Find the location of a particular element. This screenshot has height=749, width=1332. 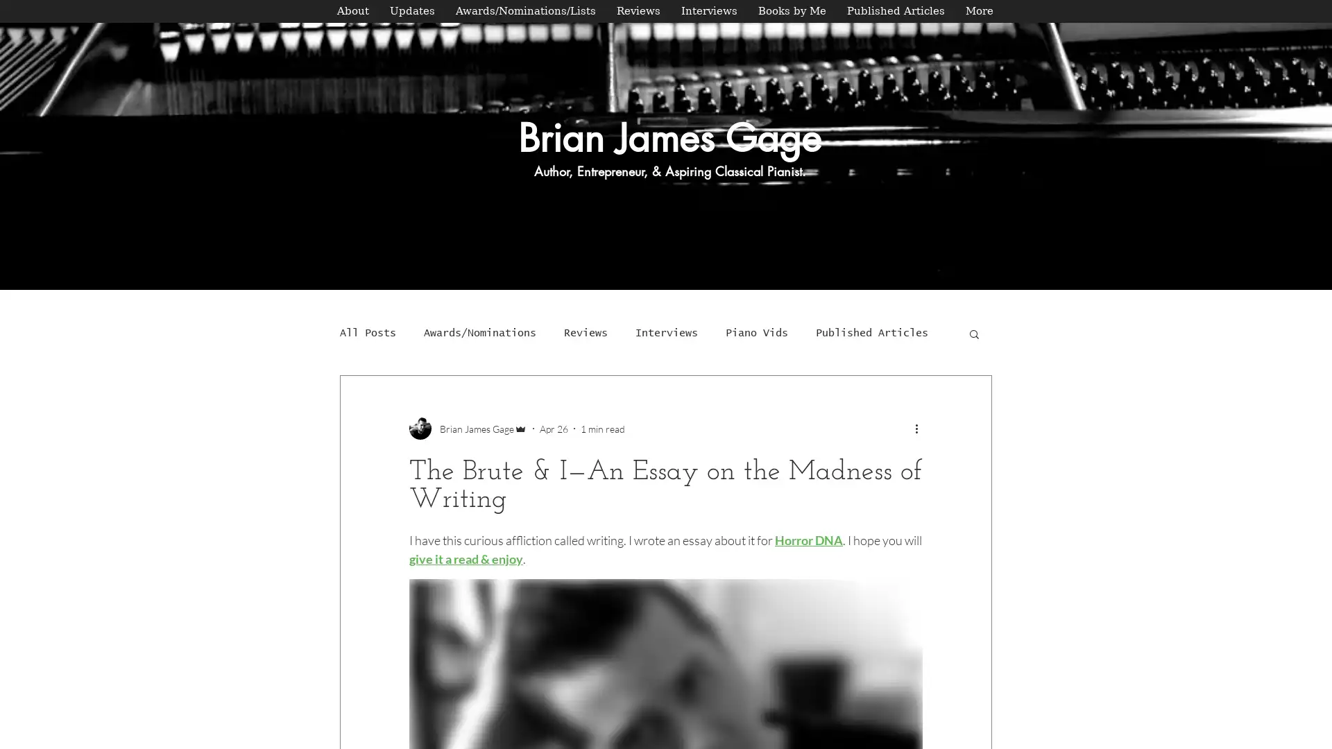

More actions is located at coordinates (921, 427).